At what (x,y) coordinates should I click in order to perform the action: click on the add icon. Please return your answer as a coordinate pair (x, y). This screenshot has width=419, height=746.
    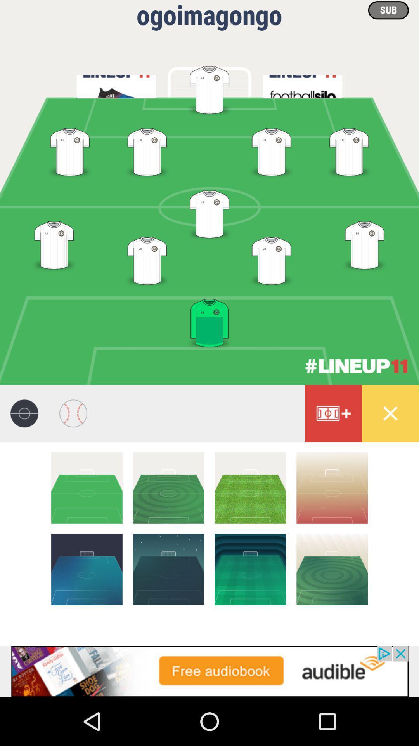
    Looking at the image, I should click on (250, 569).